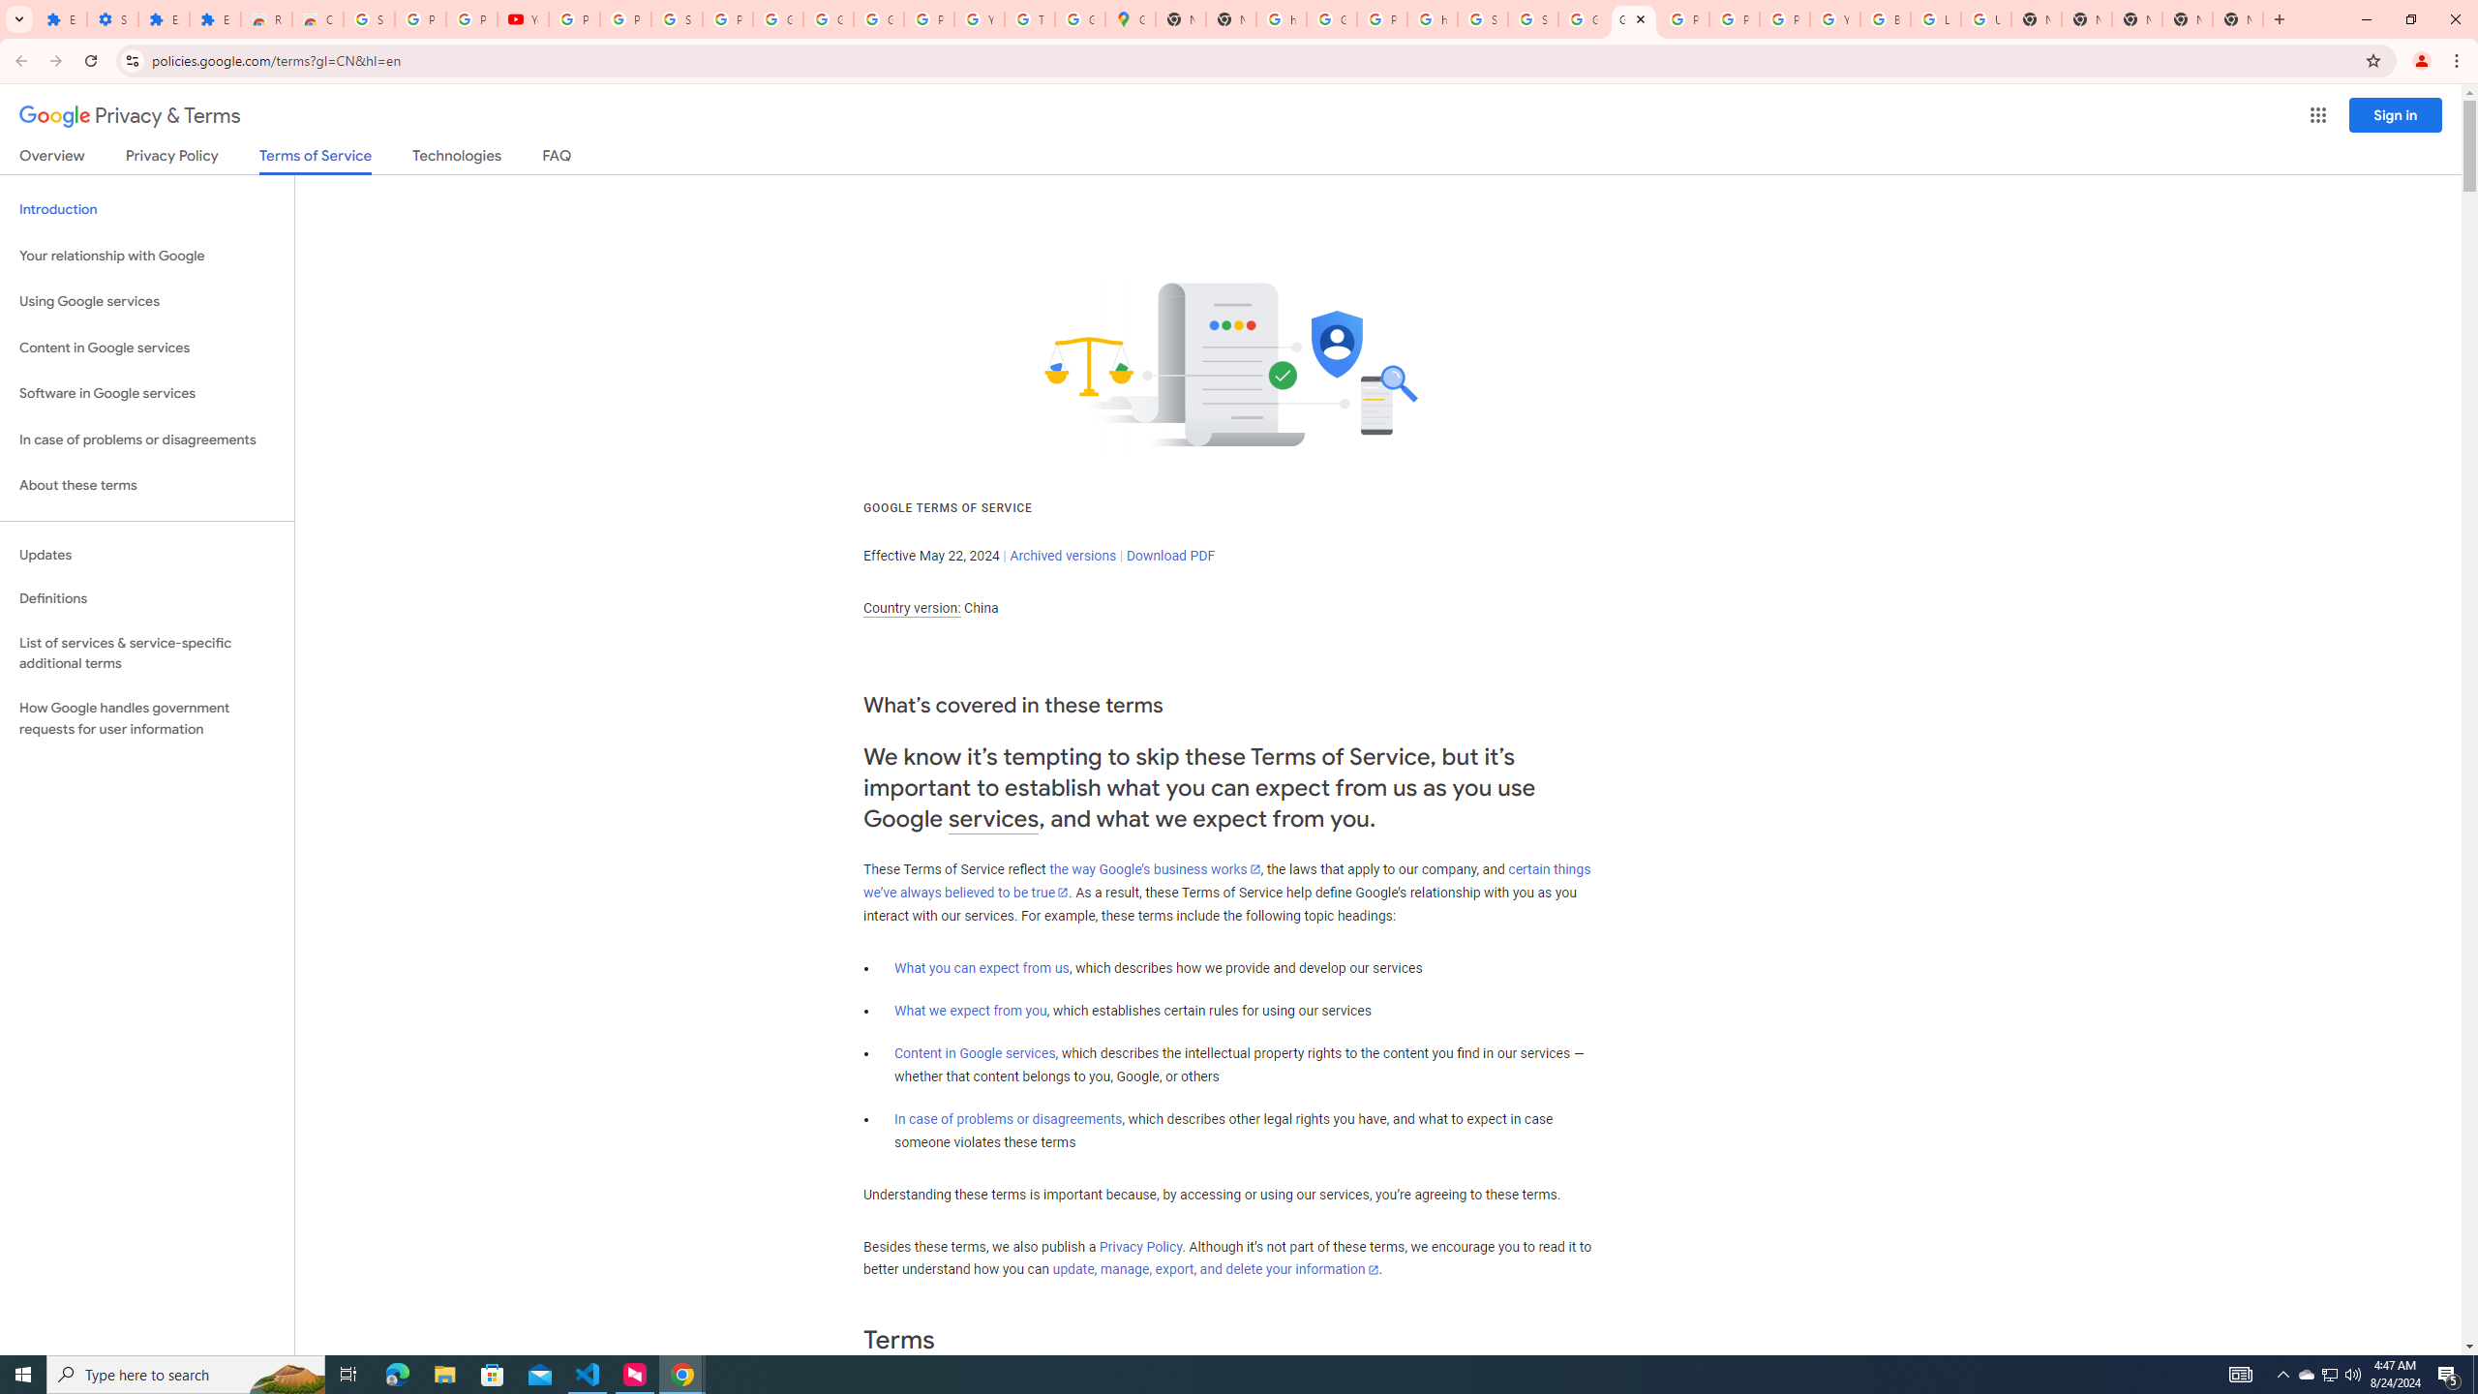  What do you see at coordinates (146, 300) in the screenshot?
I see `'Using Google services'` at bounding box center [146, 300].